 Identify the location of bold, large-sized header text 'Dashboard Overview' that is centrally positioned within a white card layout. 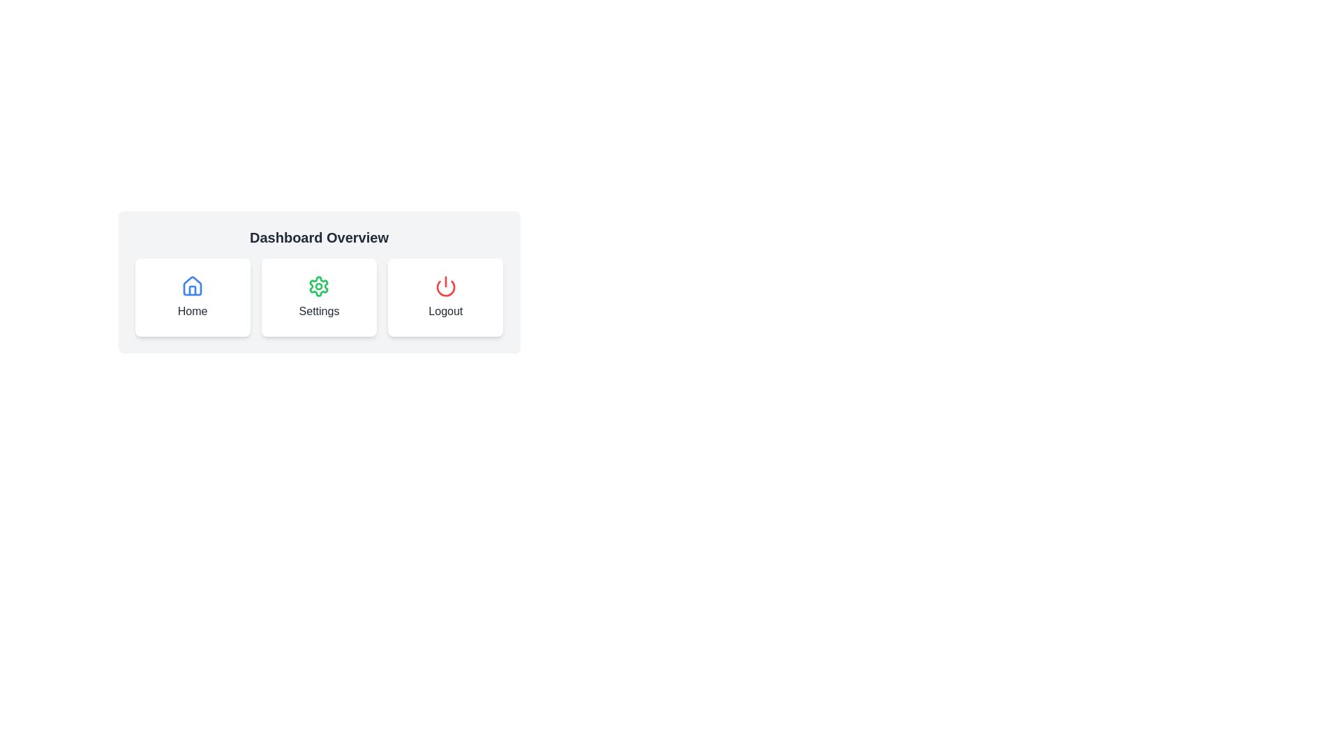
(318, 236).